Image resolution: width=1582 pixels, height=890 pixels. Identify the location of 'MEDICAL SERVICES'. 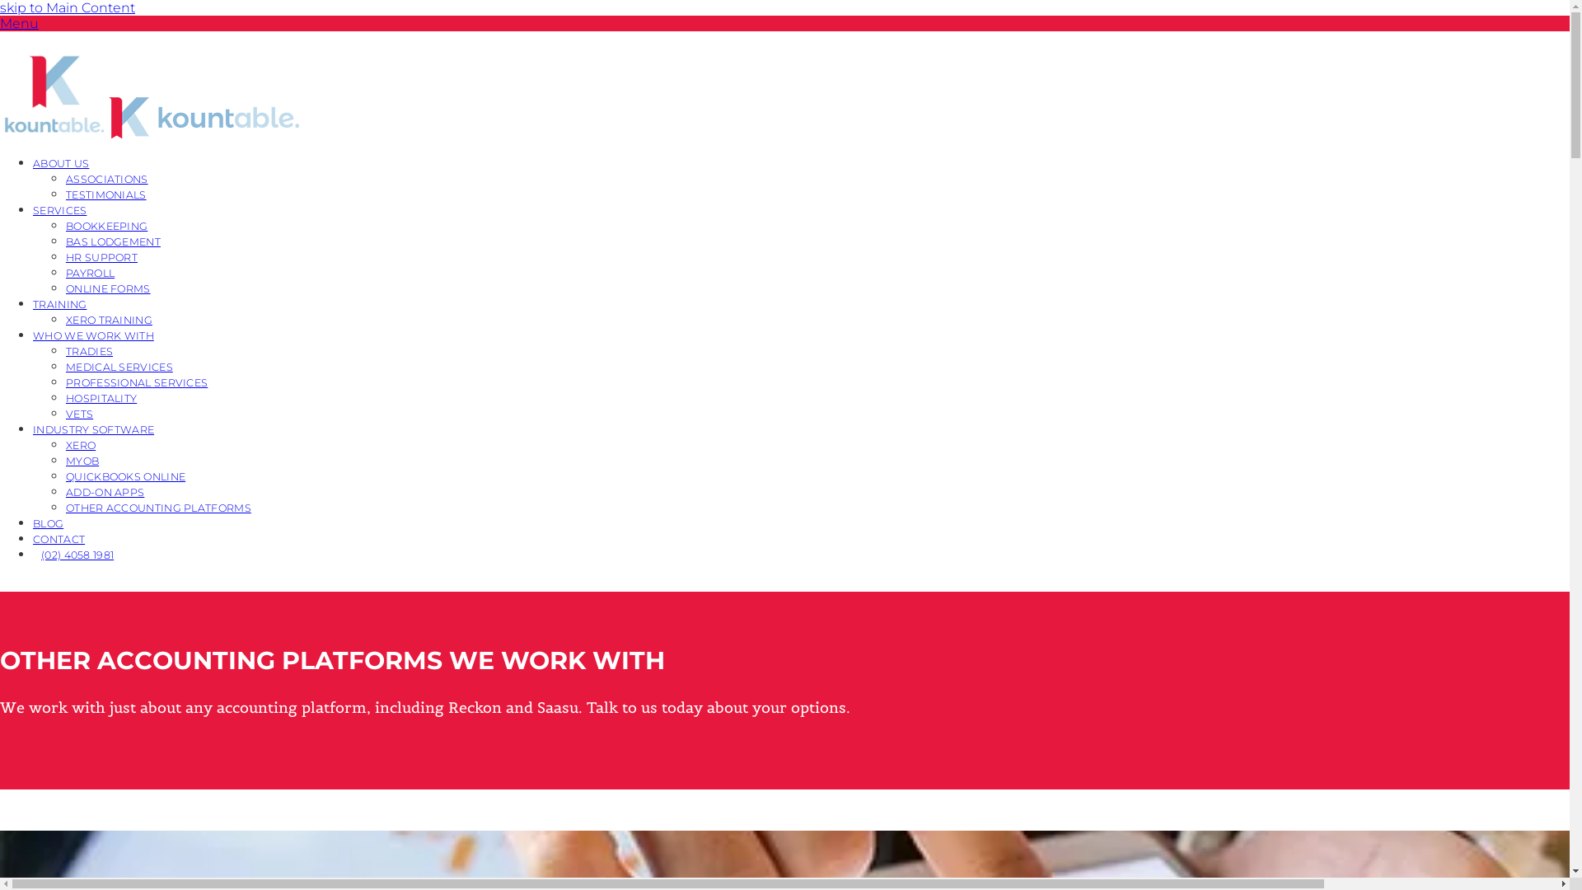
(118, 365).